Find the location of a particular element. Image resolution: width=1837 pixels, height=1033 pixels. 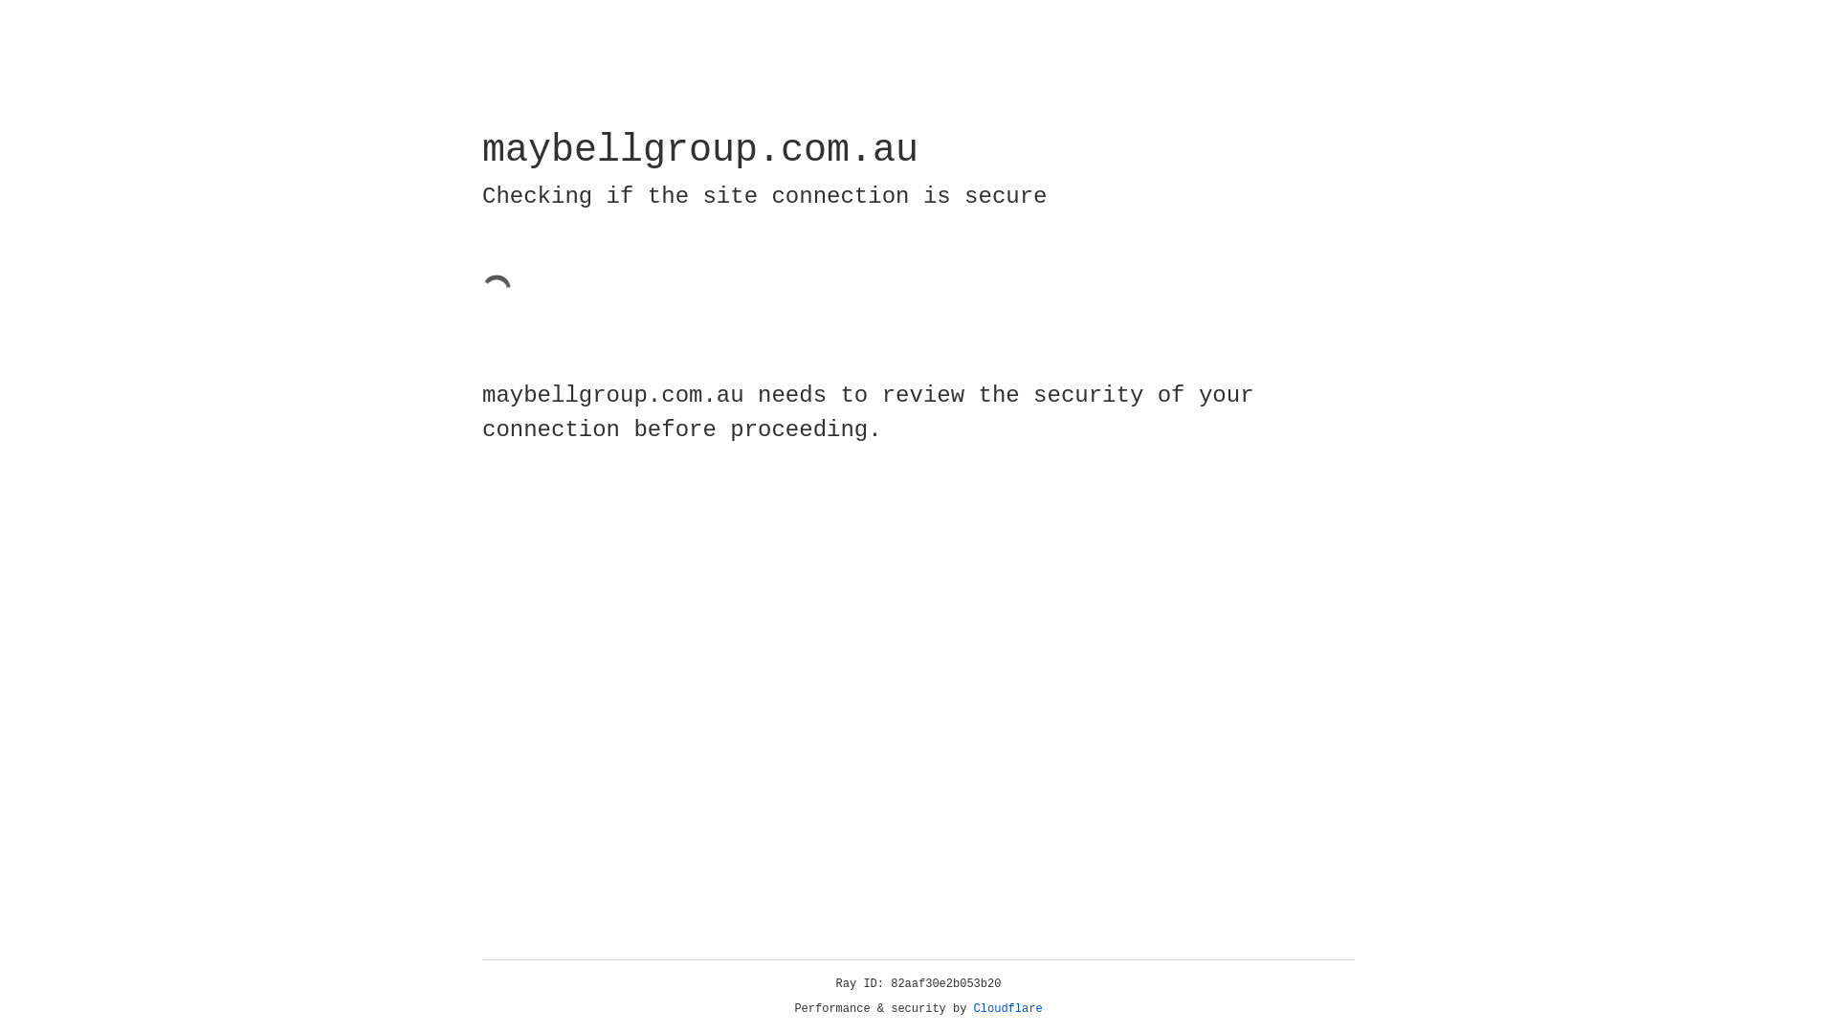

'Cloudflare' is located at coordinates (1007, 1008).